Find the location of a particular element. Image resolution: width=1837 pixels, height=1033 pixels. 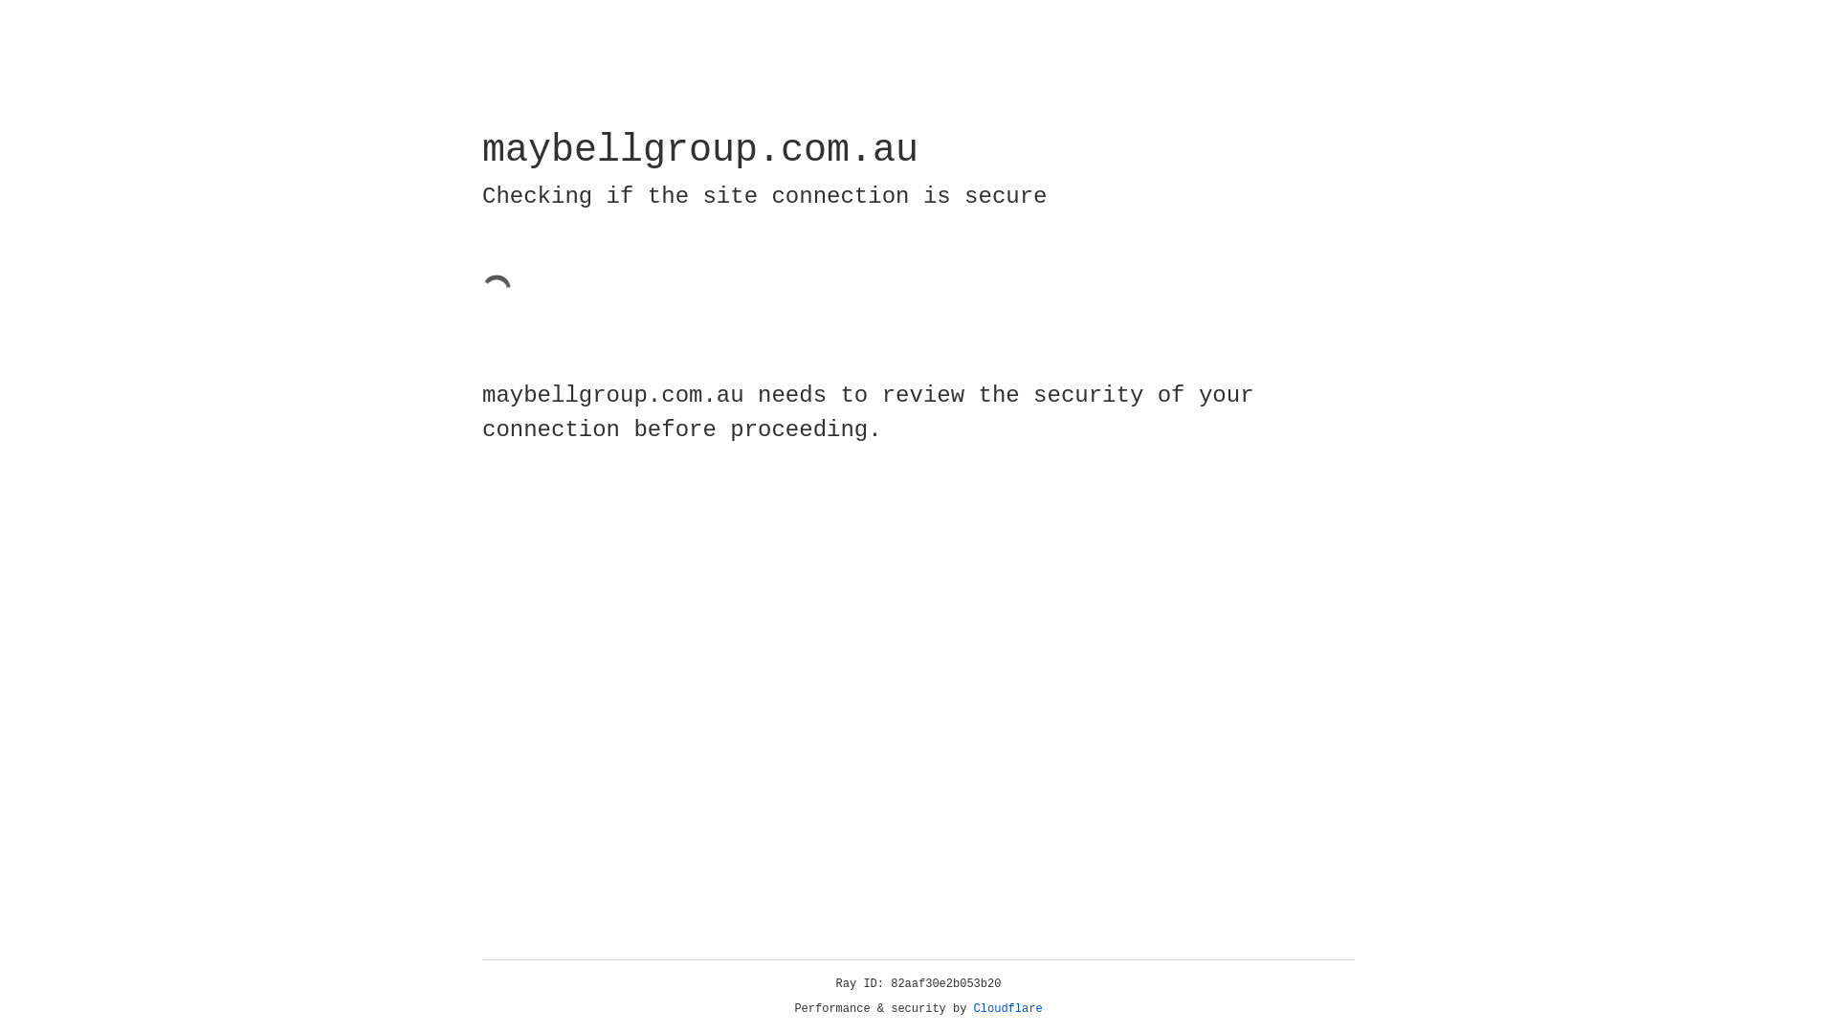

'Cloudflare' is located at coordinates (1007, 1008).